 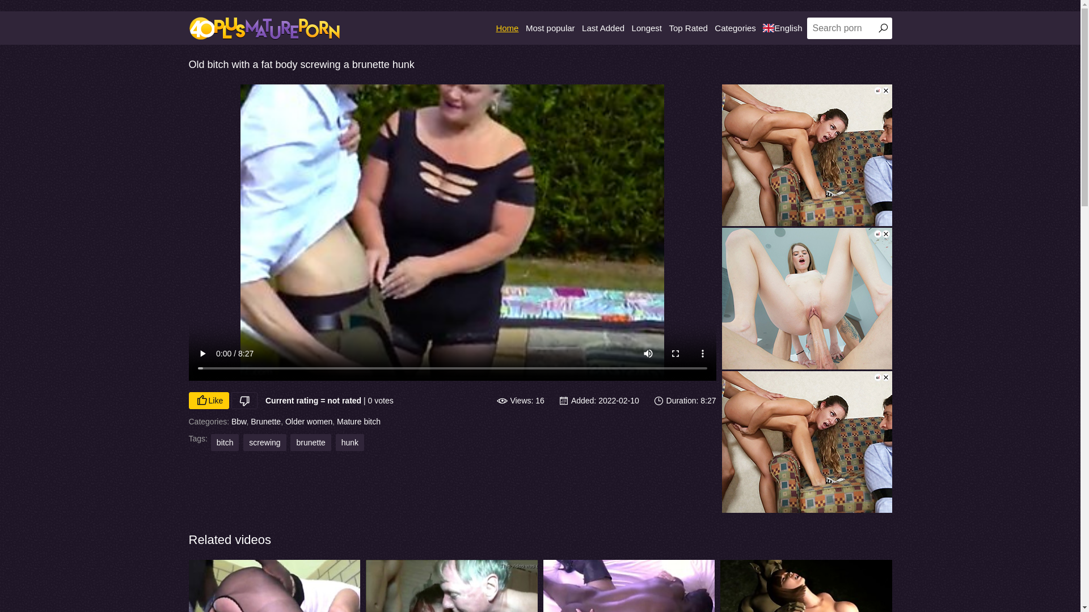 I want to click on 'Categories', so click(x=735, y=28).